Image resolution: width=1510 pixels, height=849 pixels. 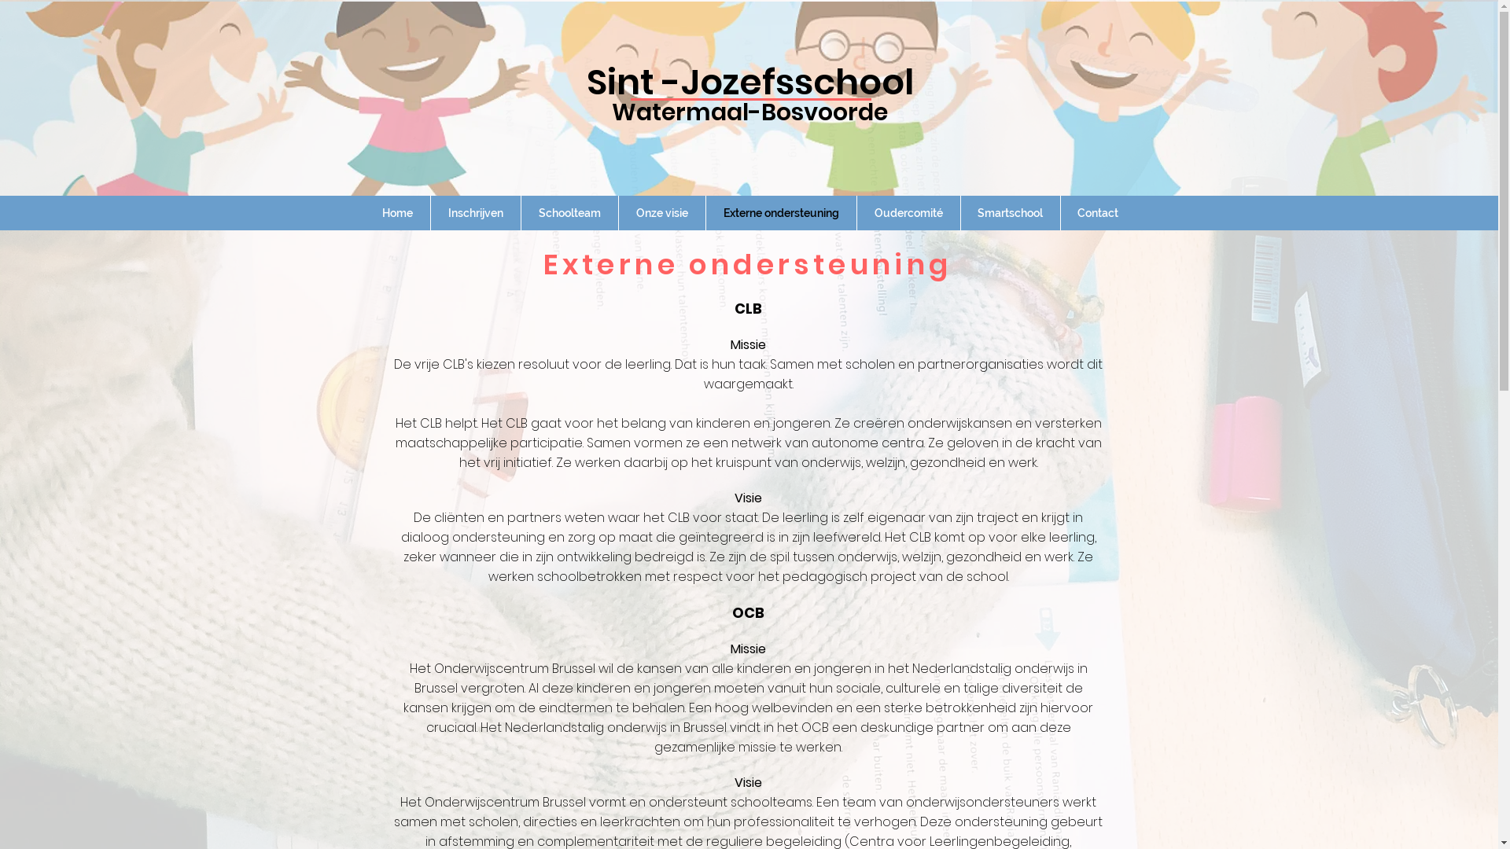 What do you see at coordinates (568, 212) in the screenshot?
I see `'Schoolteam'` at bounding box center [568, 212].